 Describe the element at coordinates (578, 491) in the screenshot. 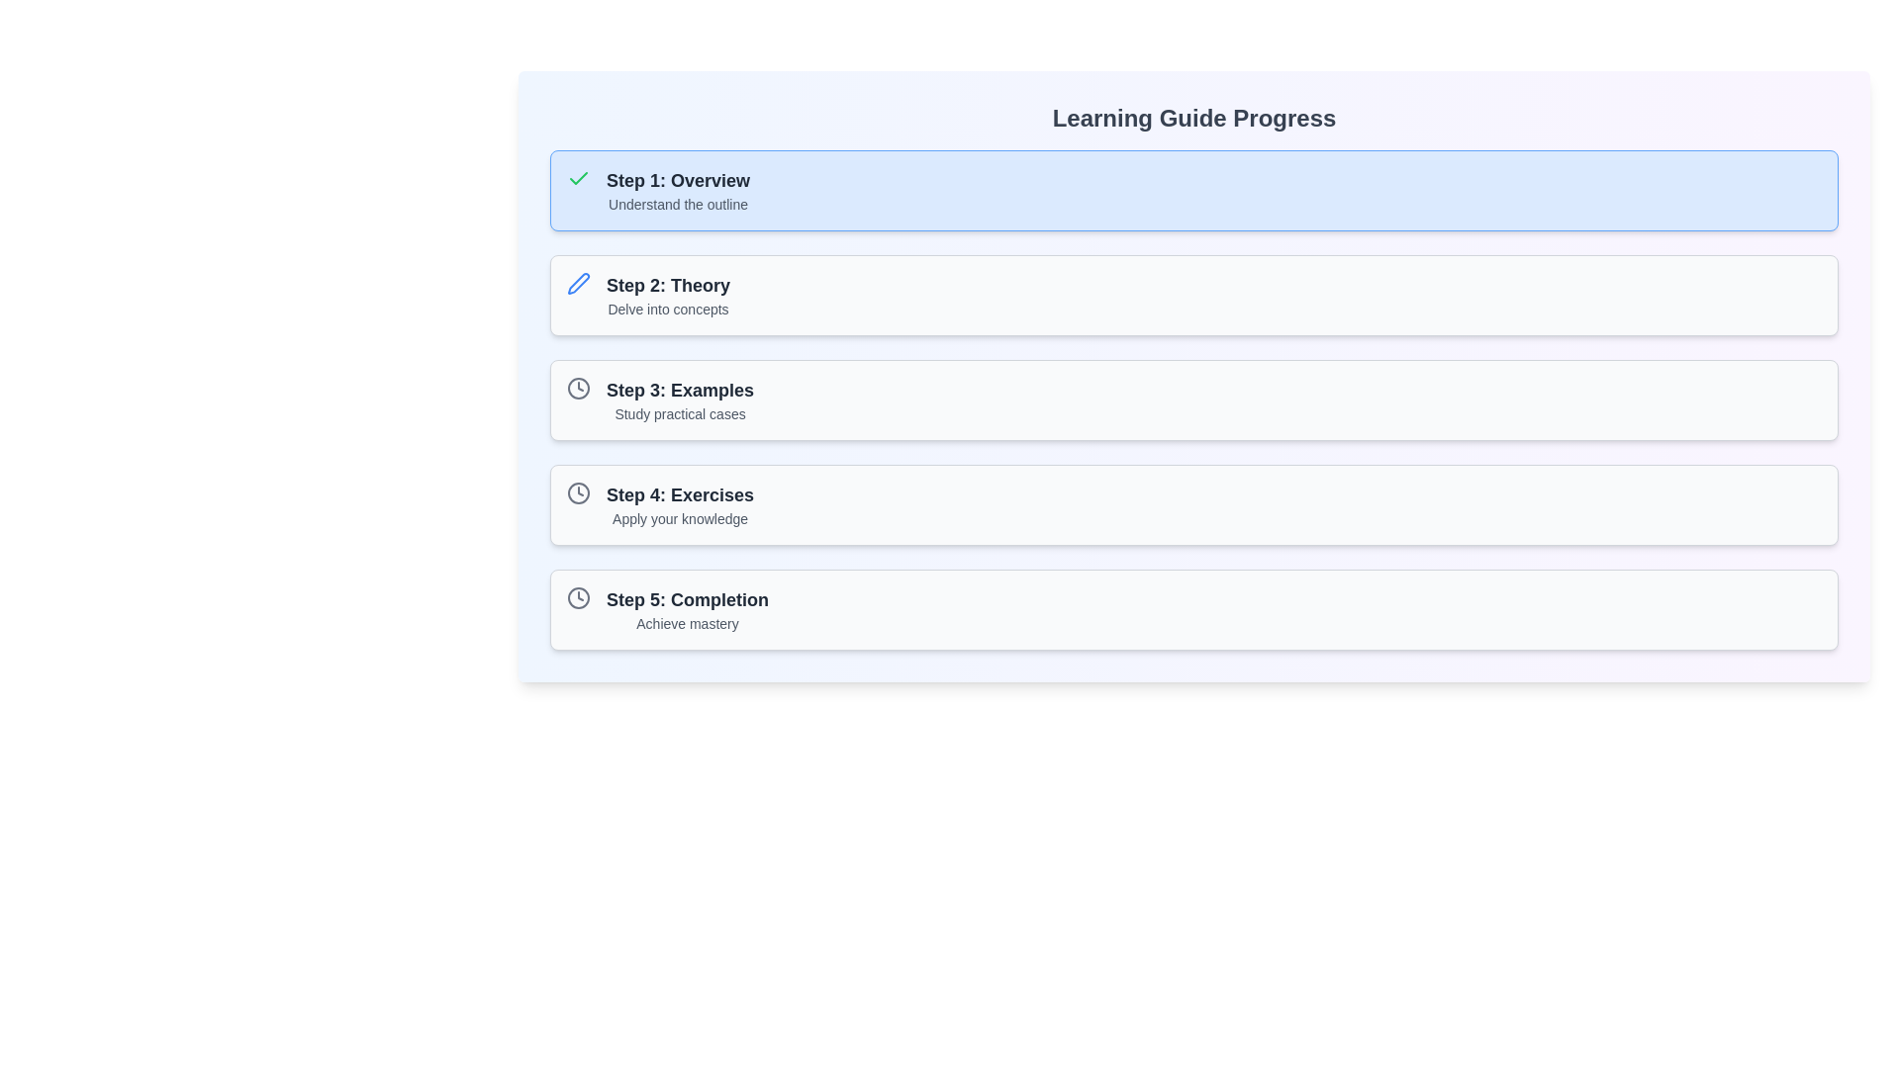

I see `the outer boundary circle of the clock icon, which serves as the visual representation of a traditional clock's round shape` at that location.